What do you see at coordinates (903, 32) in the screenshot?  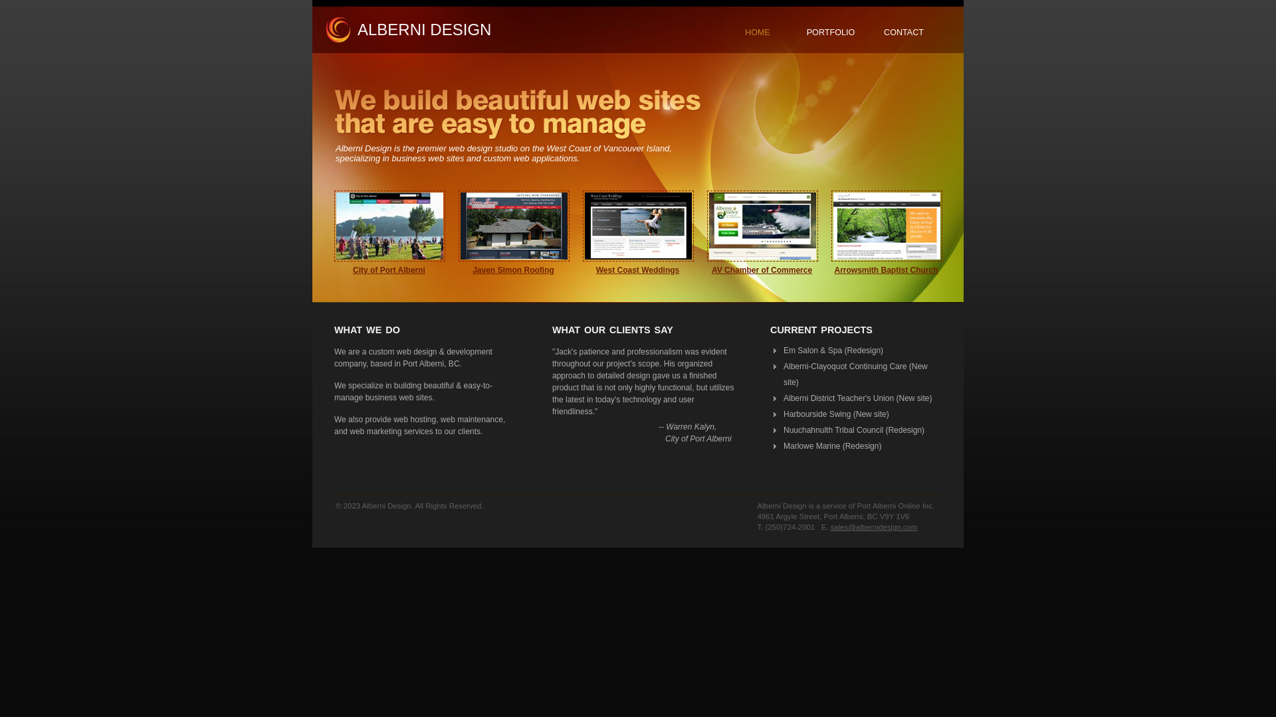 I see `'CONTACT'` at bounding box center [903, 32].